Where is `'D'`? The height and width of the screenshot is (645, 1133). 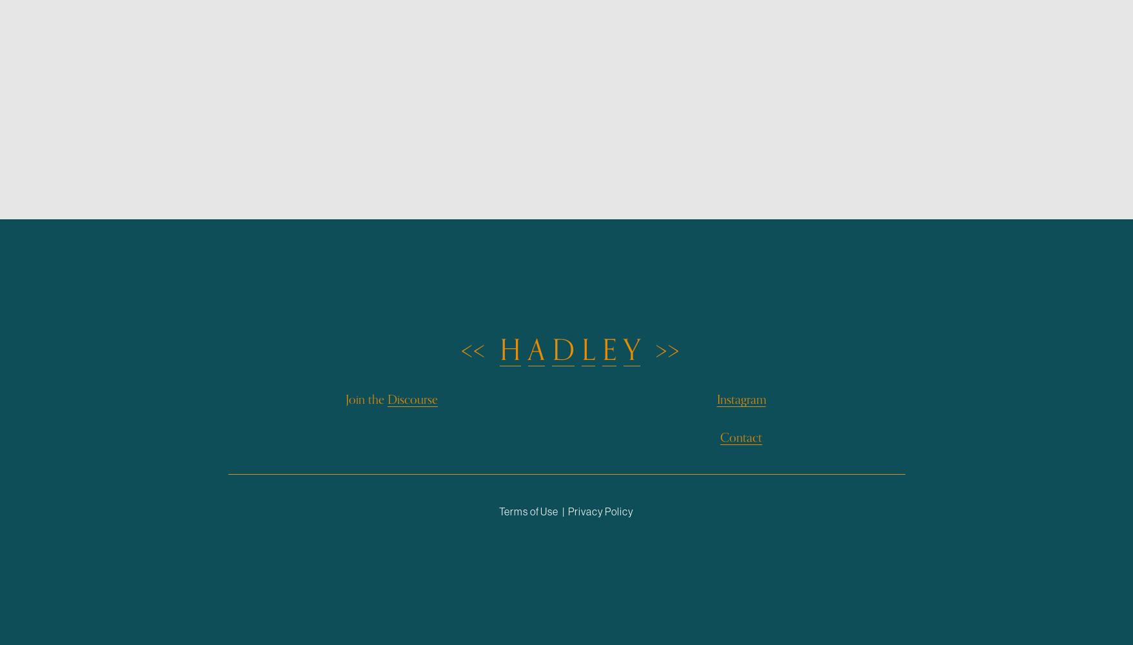
'D' is located at coordinates (563, 350).